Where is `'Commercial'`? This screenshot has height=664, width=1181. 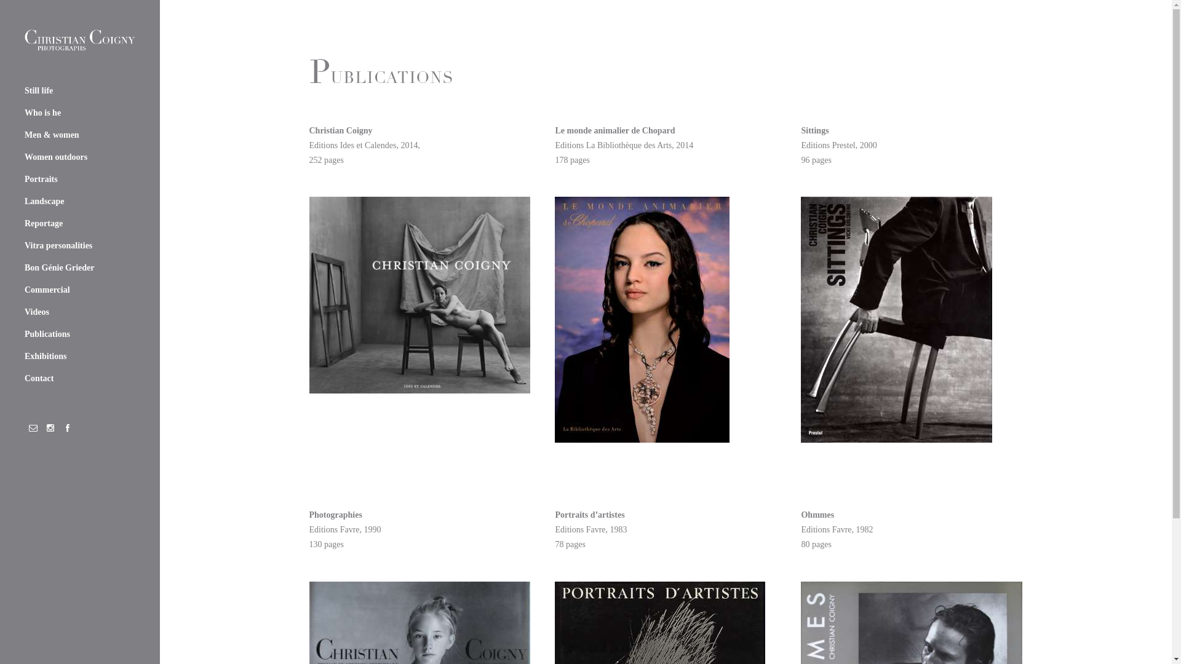 'Commercial' is located at coordinates (24, 290).